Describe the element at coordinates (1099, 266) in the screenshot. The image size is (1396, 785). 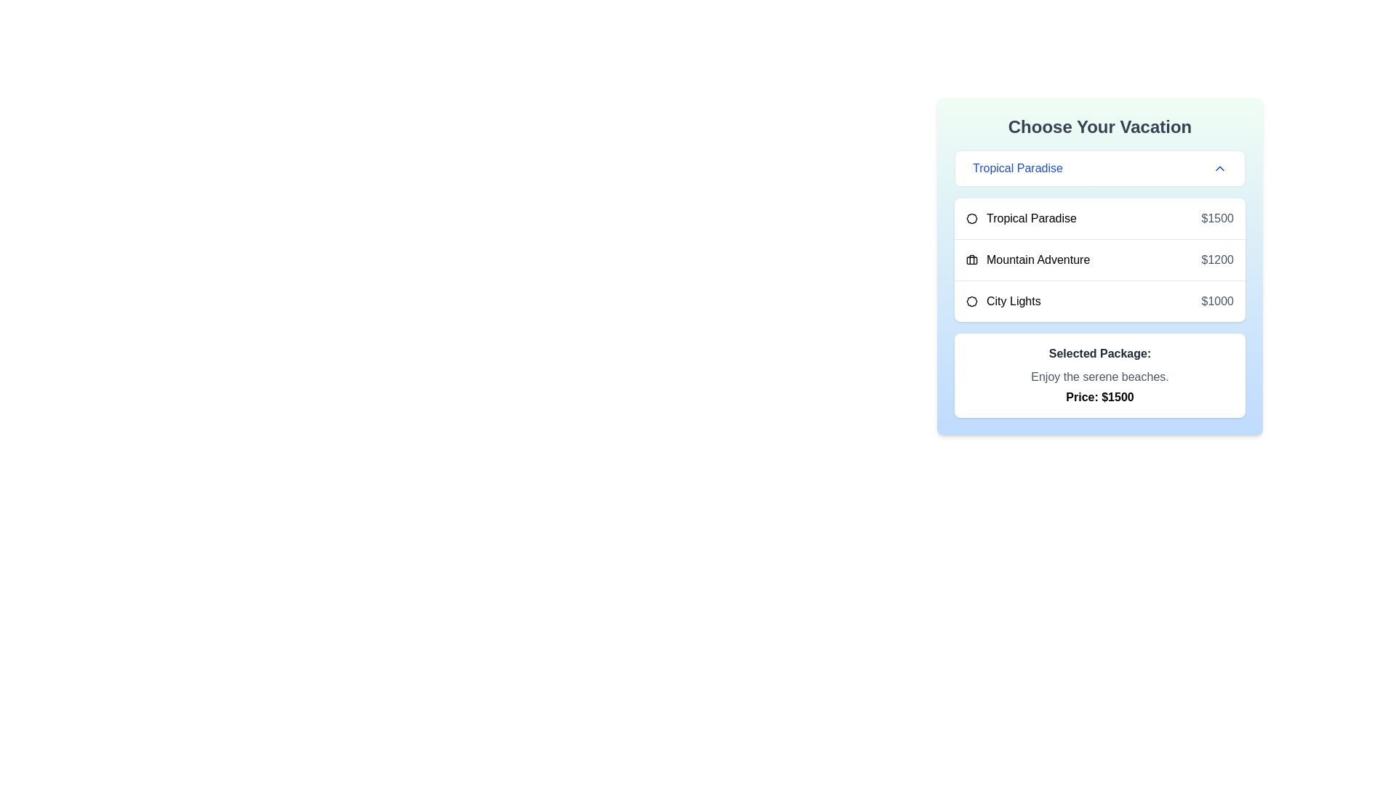
I see `the 'Mountain Adventure' package row in the interactive selection panel` at that location.